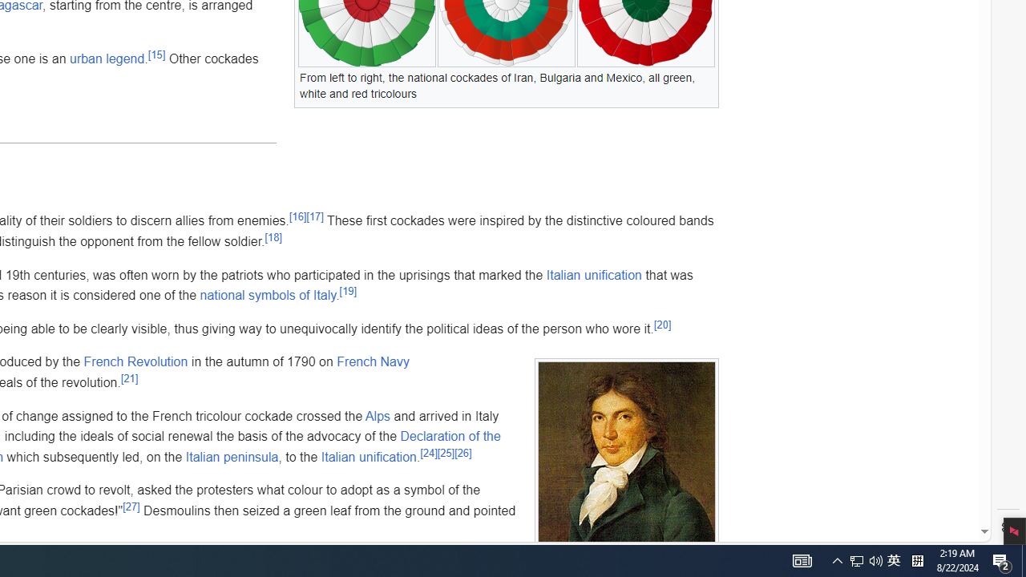 This screenshot has width=1026, height=577. What do you see at coordinates (662, 325) in the screenshot?
I see `'[20]'` at bounding box center [662, 325].